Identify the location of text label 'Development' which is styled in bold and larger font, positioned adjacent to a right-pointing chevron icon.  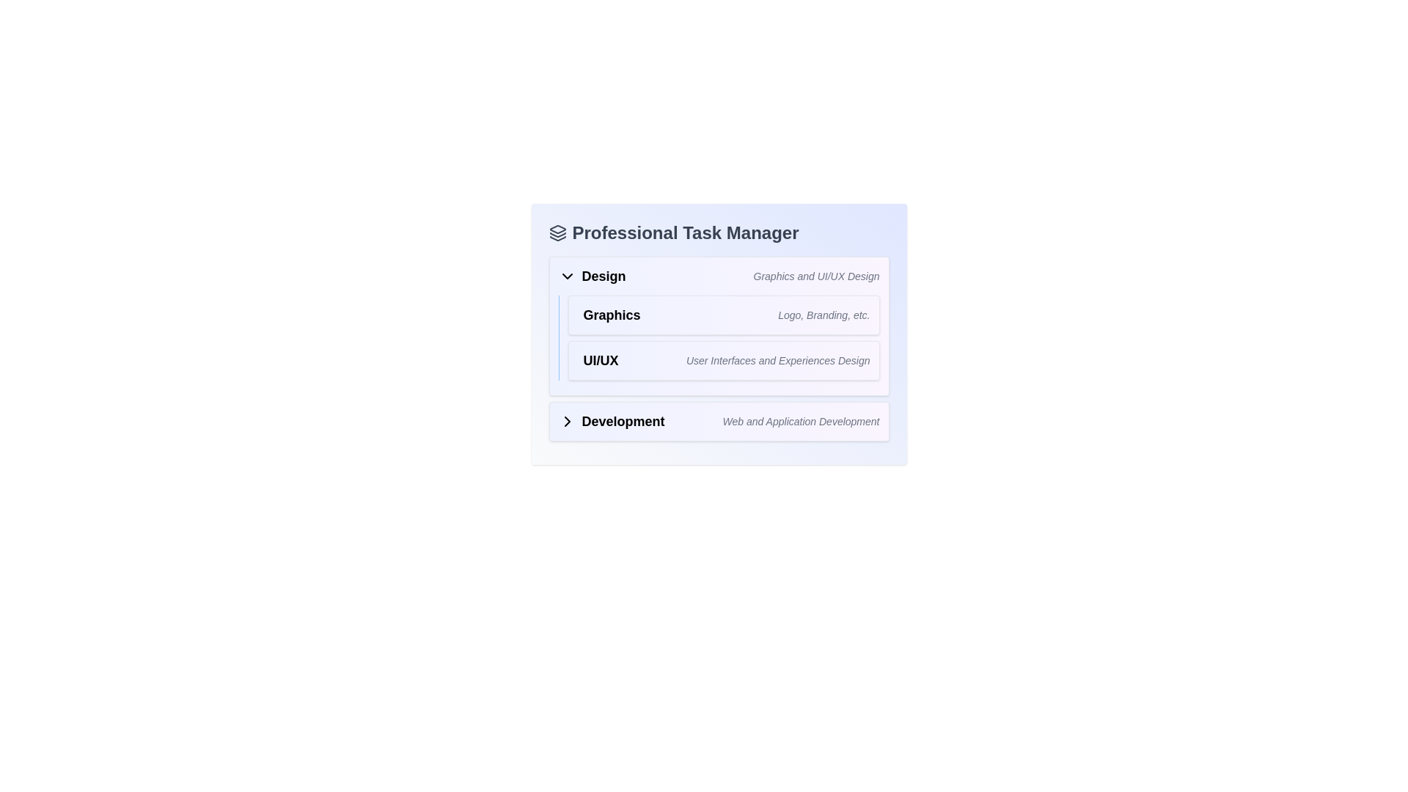
(612, 421).